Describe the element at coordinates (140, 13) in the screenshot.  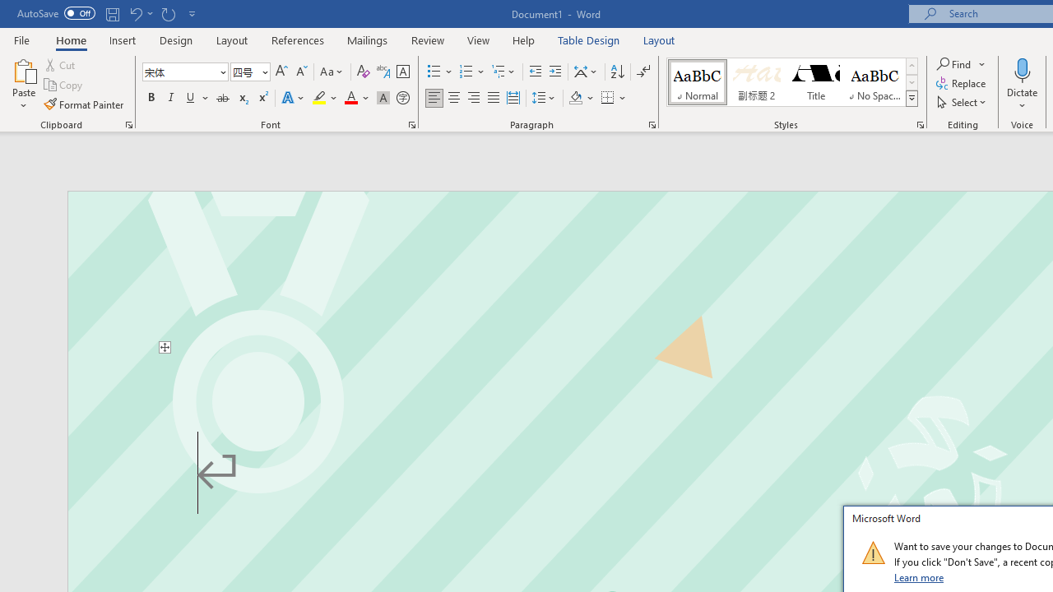
I see `'Undo Text Fill Effect'` at that location.